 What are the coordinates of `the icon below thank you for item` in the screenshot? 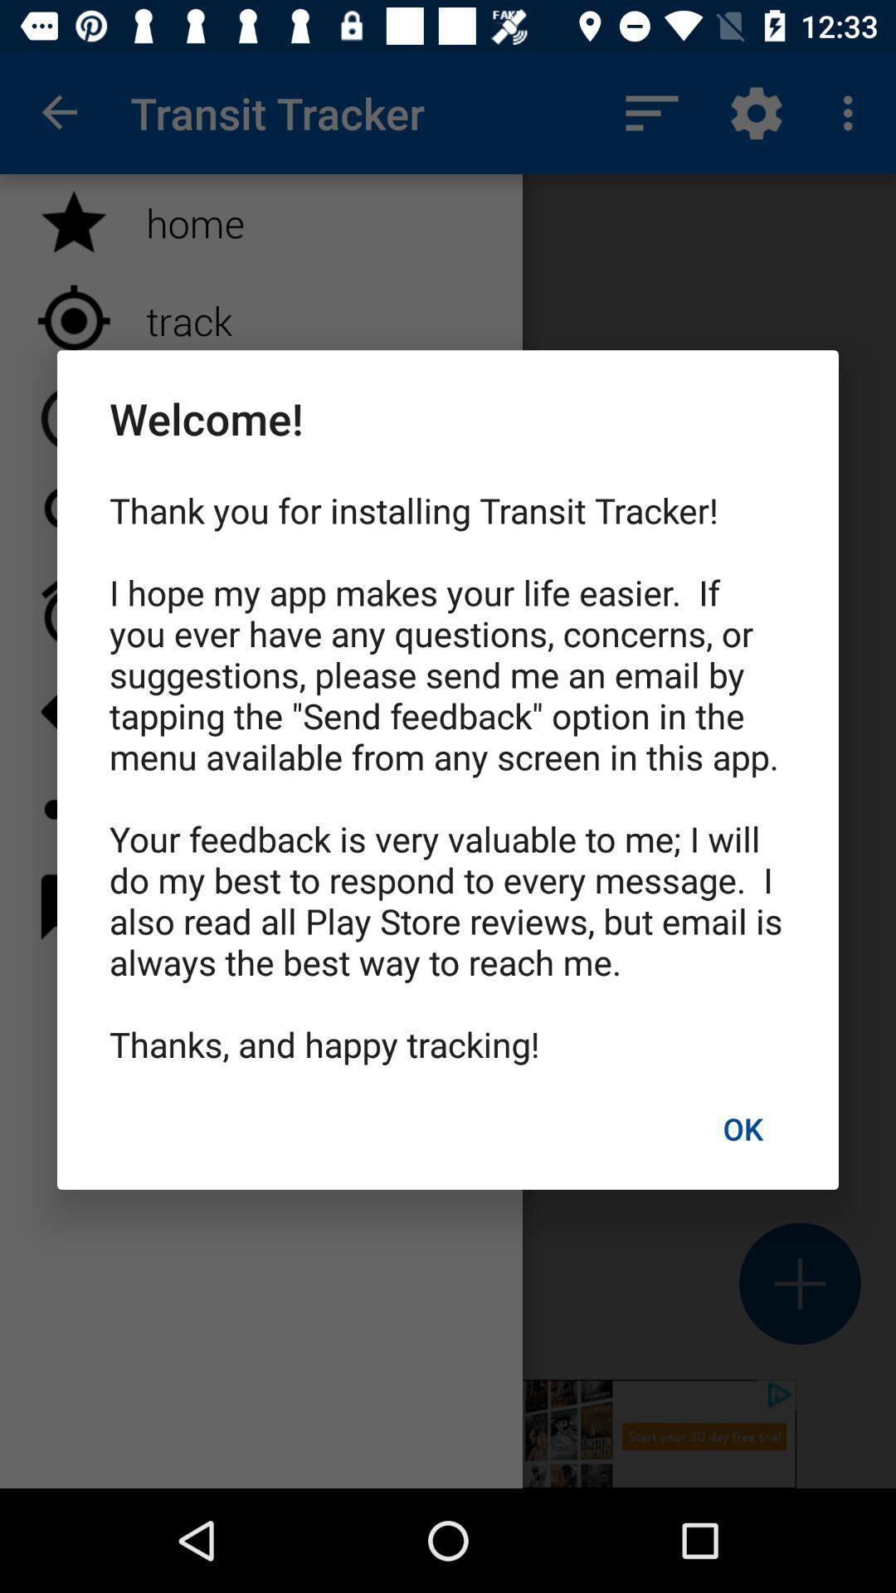 It's located at (742, 1128).